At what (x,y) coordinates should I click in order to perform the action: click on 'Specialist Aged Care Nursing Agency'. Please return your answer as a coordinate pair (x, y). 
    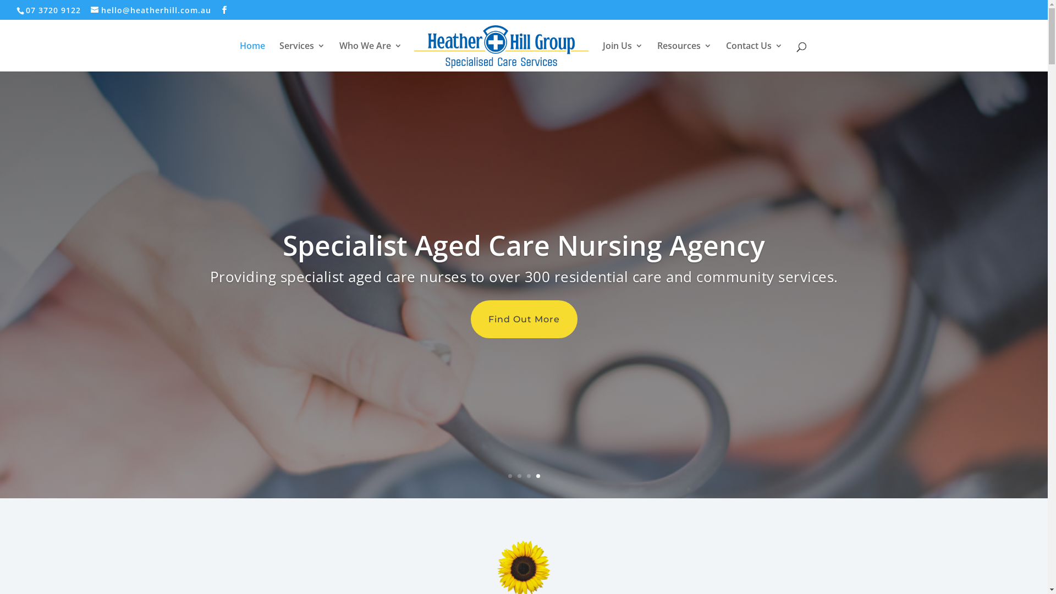
    Looking at the image, I should click on (523, 245).